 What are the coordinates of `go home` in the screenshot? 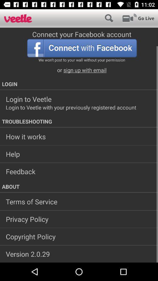 It's located at (18, 18).